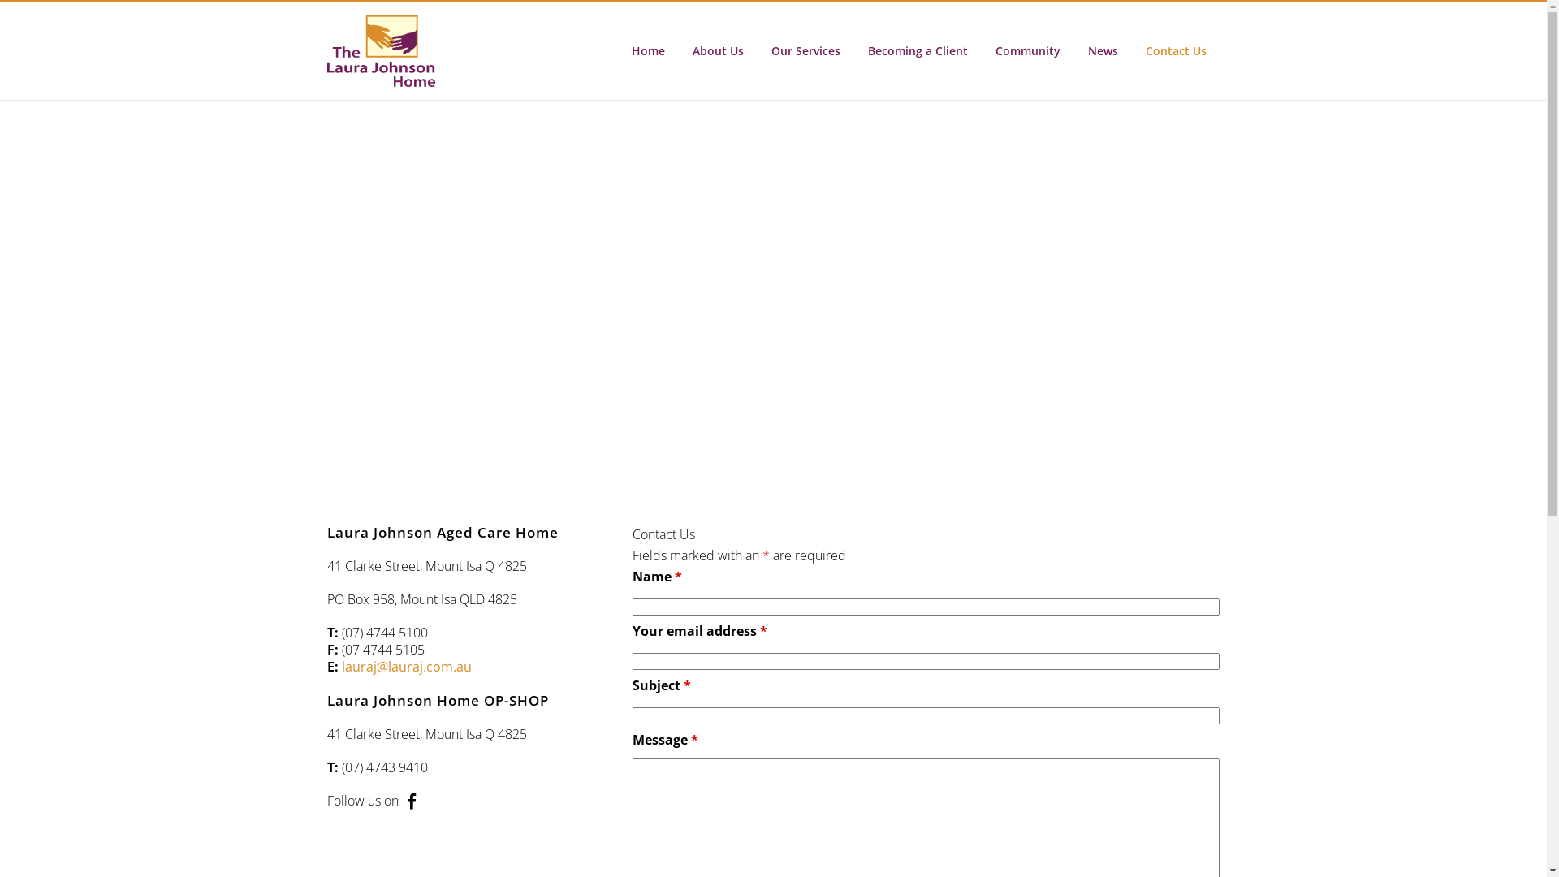 The image size is (1559, 877). What do you see at coordinates (1026, 50) in the screenshot?
I see `'Community'` at bounding box center [1026, 50].